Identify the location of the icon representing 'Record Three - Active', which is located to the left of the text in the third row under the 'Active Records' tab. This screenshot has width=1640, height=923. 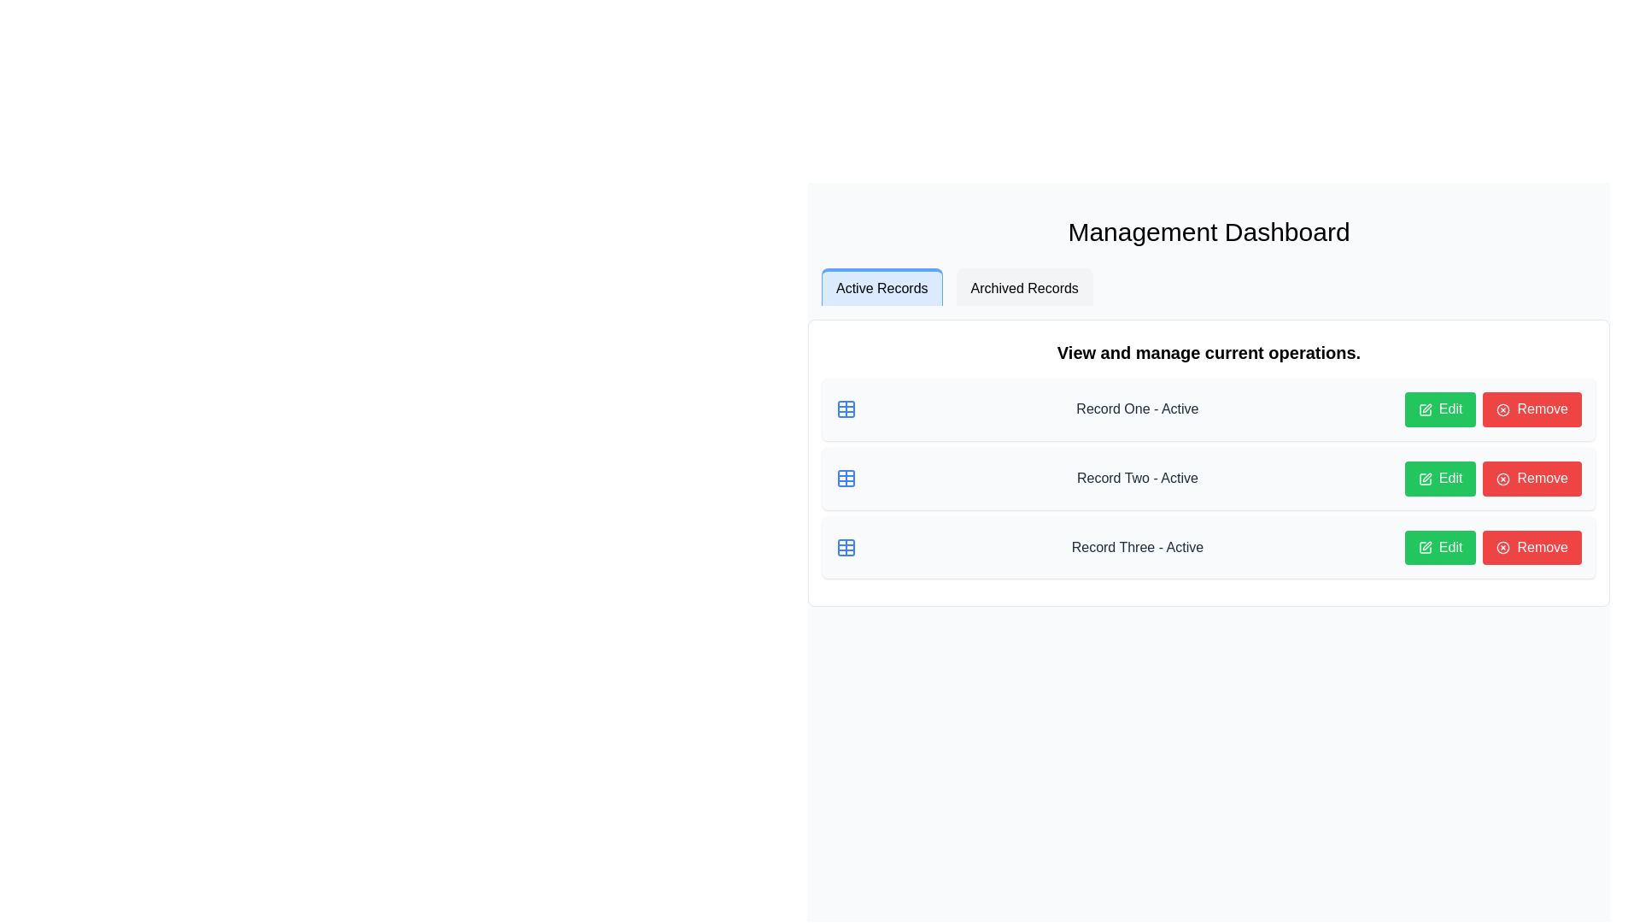
(846, 547).